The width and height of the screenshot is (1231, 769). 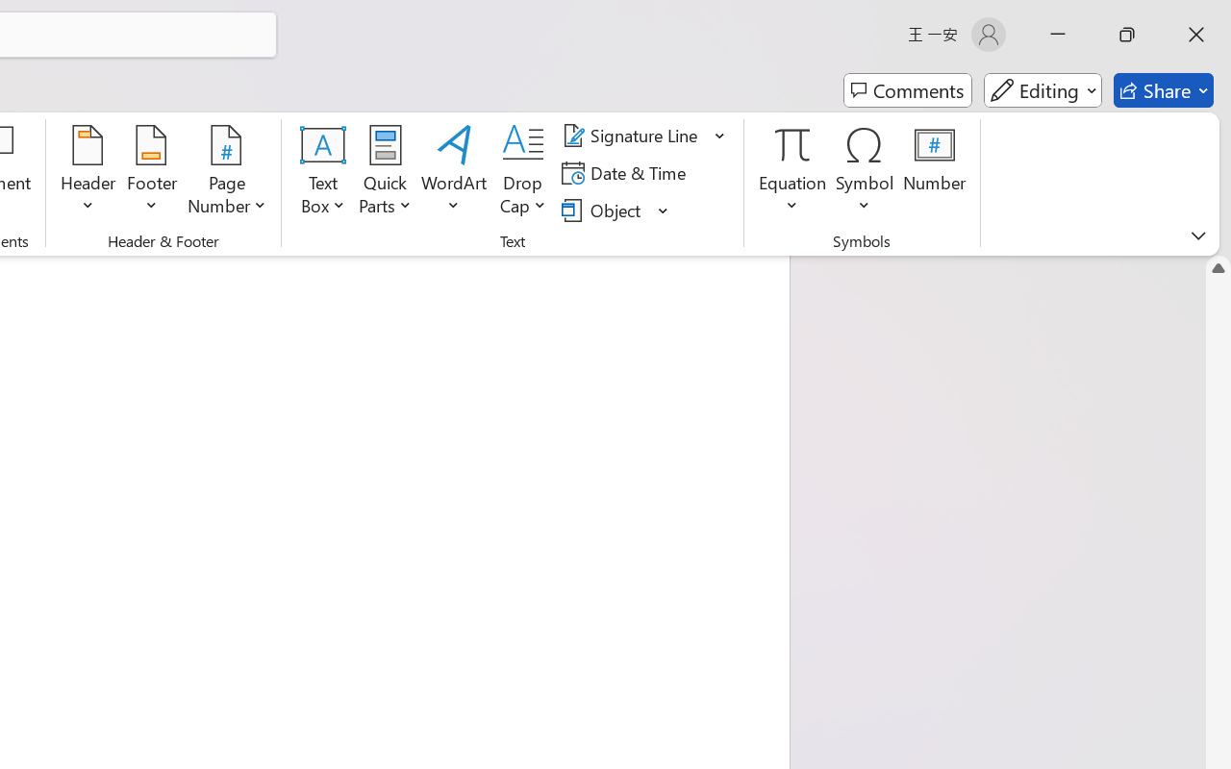 I want to click on 'Footer', so click(x=151, y=172).